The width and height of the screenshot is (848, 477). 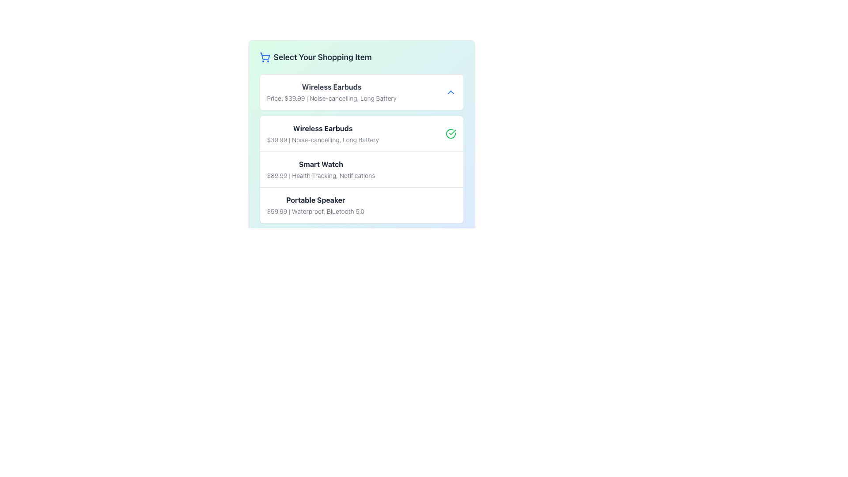 I want to click on the 'Wireless Earbuds' text label at the top of the shopping item card, so click(x=331, y=87).